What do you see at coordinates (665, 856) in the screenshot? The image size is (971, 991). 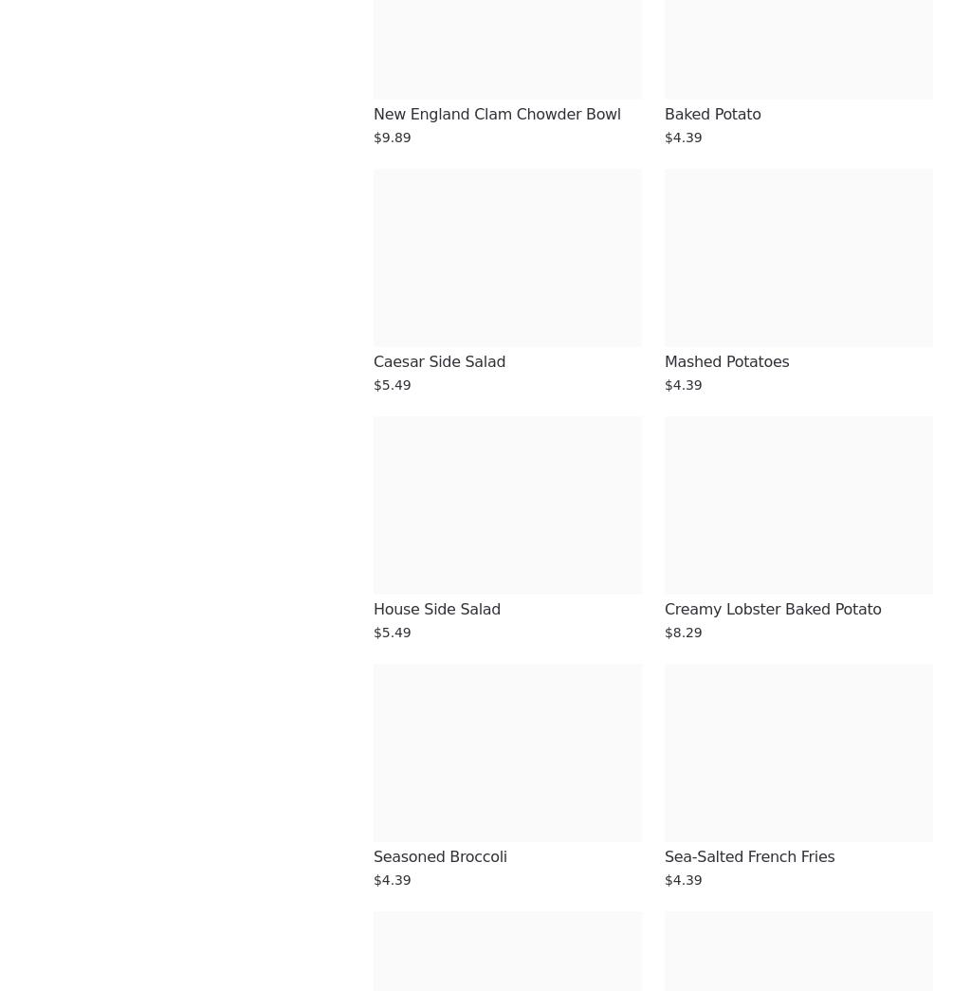 I see `'Sea-Salted French Fries'` at bounding box center [665, 856].